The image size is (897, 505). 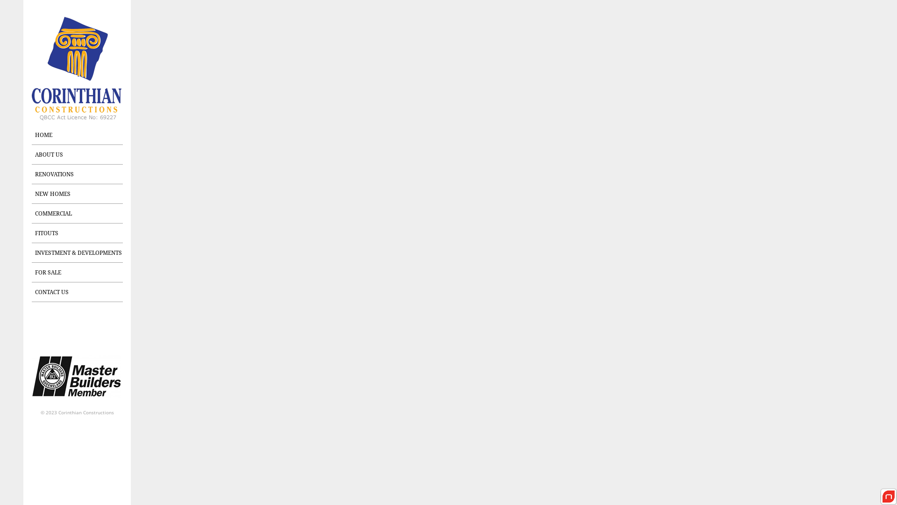 What do you see at coordinates (35, 272) in the screenshot?
I see `'FOR SALE'` at bounding box center [35, 272].